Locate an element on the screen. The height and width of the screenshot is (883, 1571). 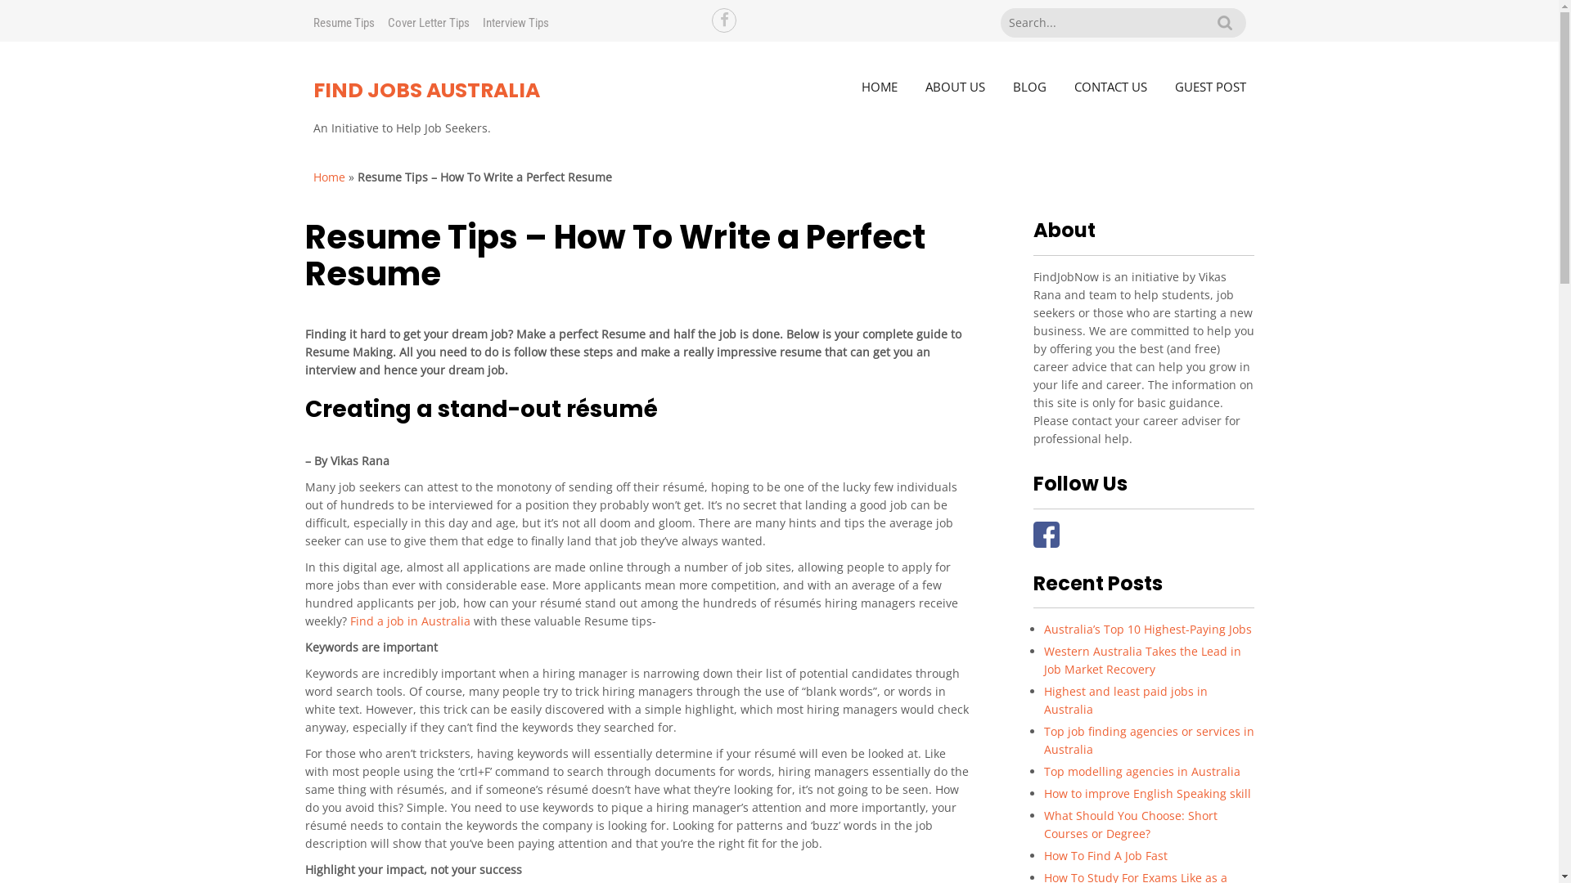
'Top job finding agencies or services in Australia' is located at coordinates (1043, 740).